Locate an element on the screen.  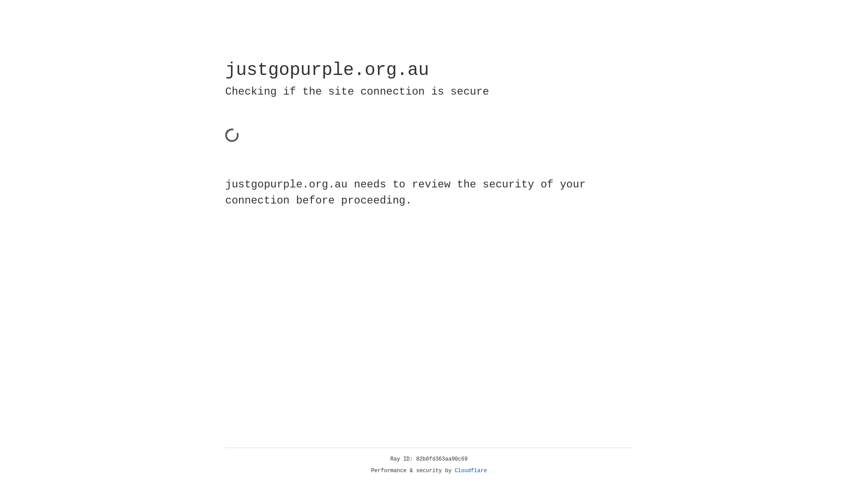
'Cloudflare' is located at coordinates (471, 470).